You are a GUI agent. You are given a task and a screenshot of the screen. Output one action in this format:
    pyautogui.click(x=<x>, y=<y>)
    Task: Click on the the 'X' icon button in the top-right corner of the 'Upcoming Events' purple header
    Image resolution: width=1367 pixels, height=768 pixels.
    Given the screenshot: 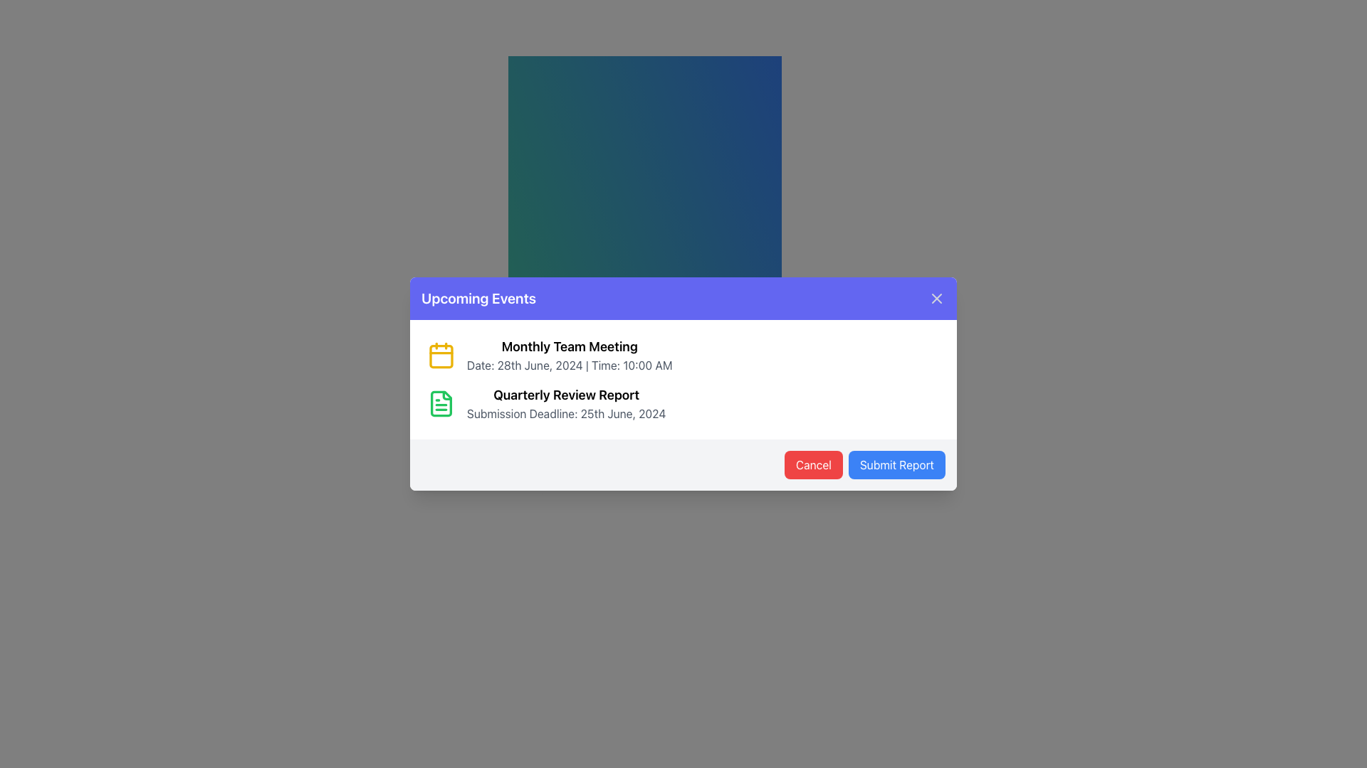 What is the action you would take?
    pyautogui.click(x=936, y=298)
    